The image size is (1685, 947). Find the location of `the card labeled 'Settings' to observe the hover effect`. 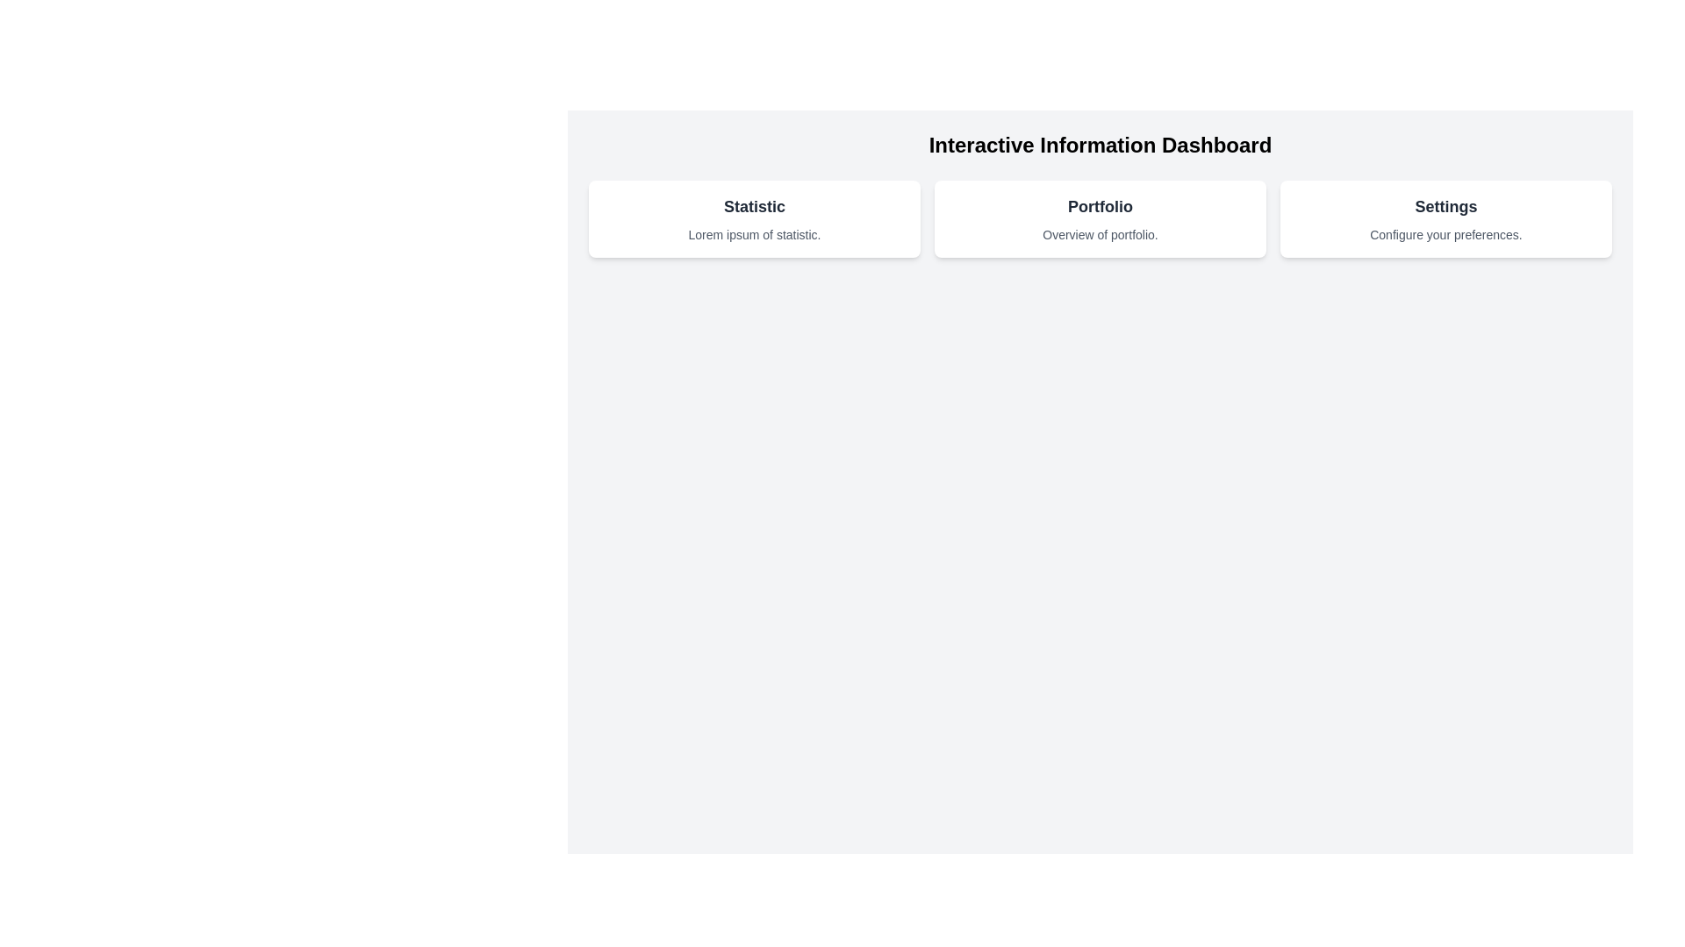

the card labeled 'Settings' to observe the hover effect is located at coordinates (1445, 218).